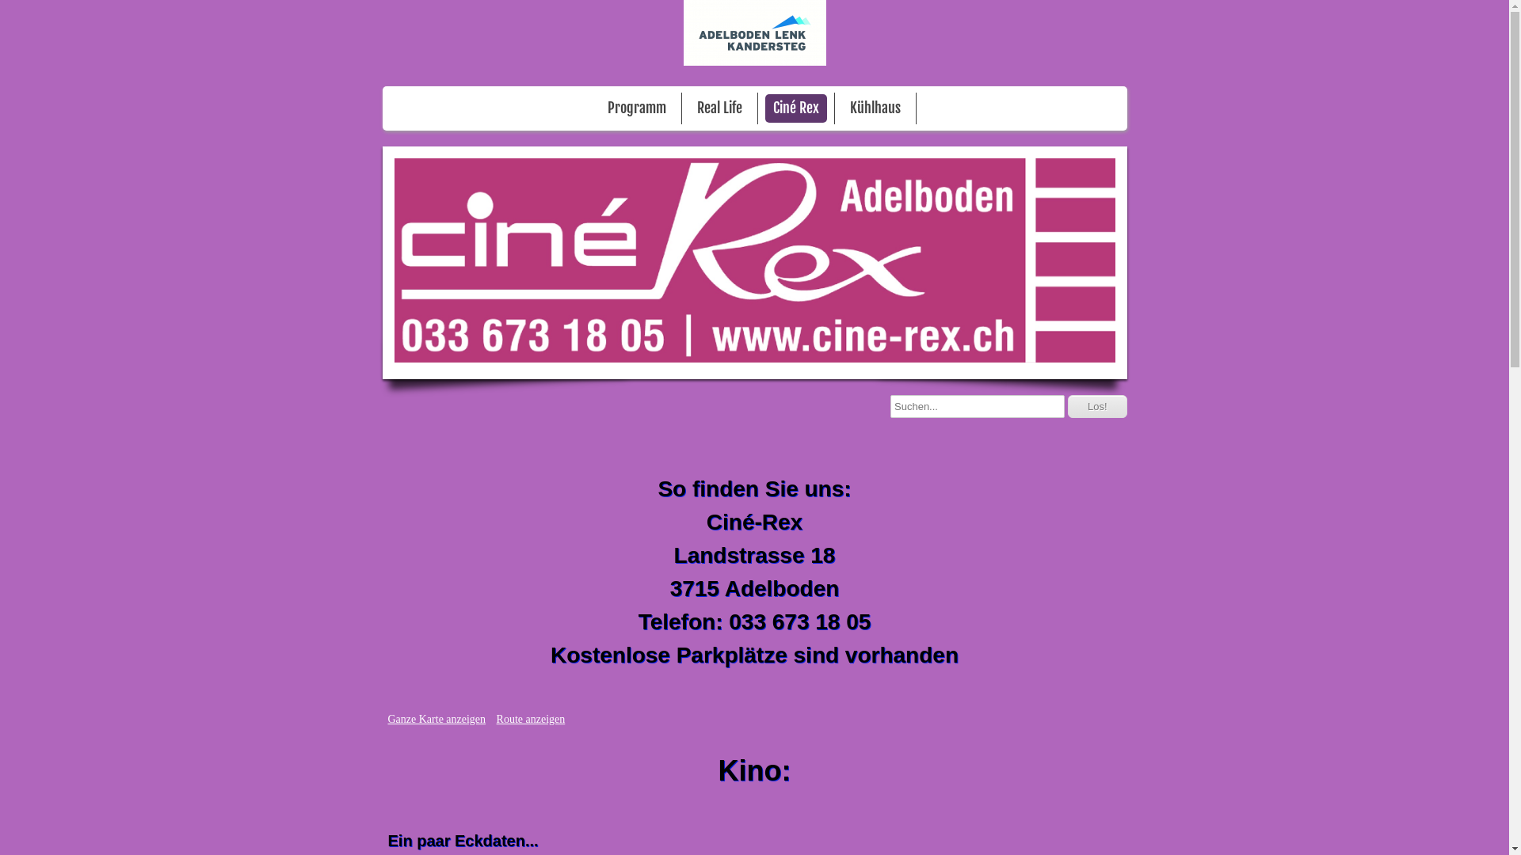 The image size is (1521, 855). I want to click on 'Los!', so click(1096, 405).